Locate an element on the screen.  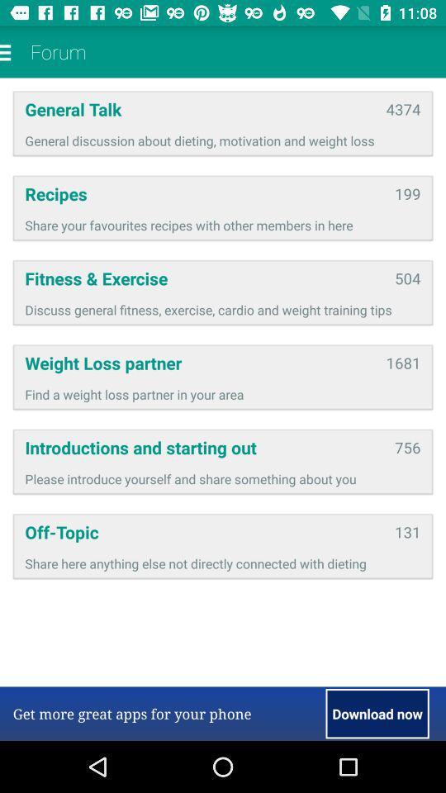
the 131 app is located at coordinates (406, 531).